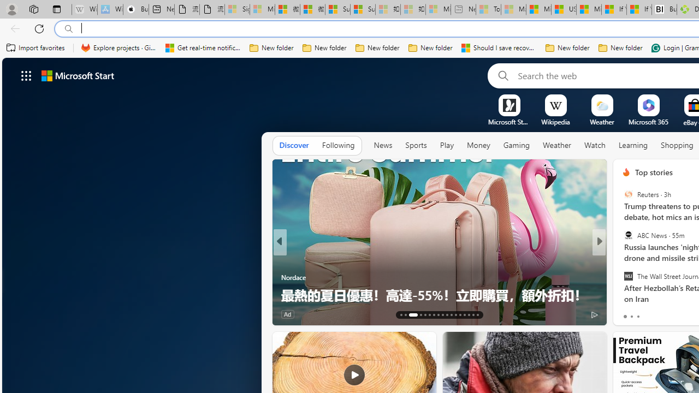  I want to click on 'Reader', so click(621, 259).